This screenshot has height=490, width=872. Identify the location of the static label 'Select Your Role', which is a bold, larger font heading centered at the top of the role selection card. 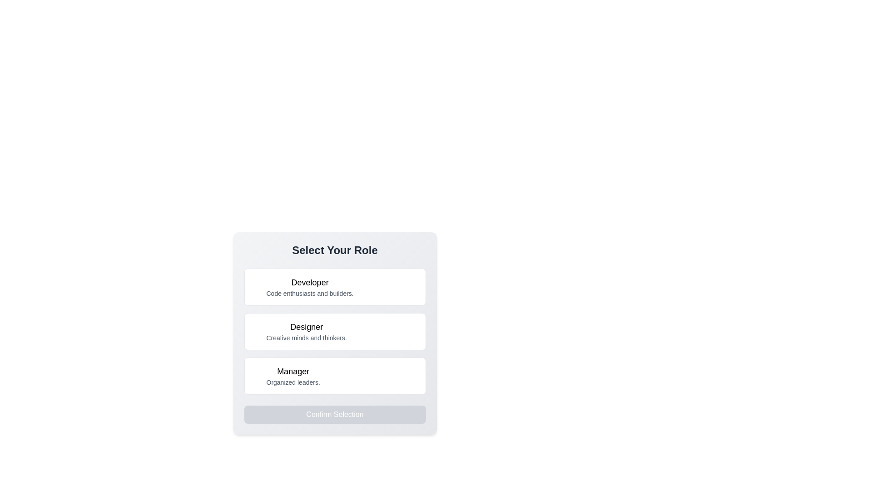
(334, 250).